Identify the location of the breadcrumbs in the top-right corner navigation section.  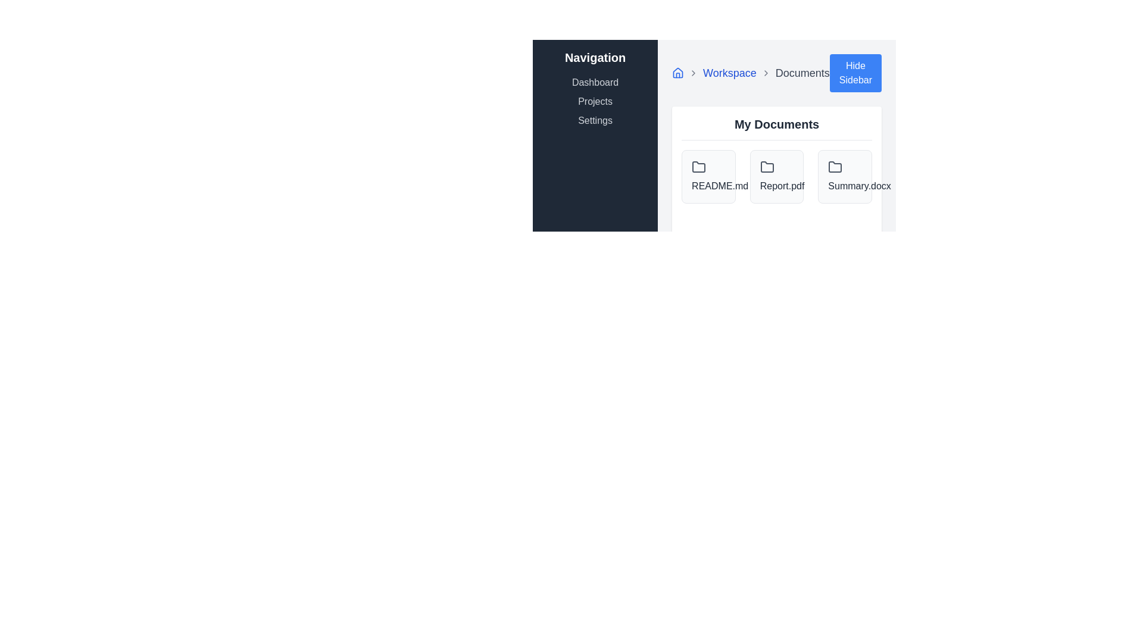
(777, 73).